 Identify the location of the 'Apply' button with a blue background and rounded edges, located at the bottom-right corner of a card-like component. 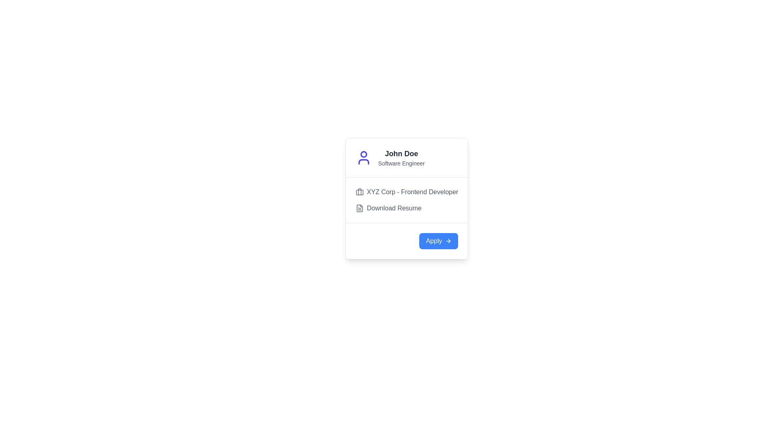
(438, 241).